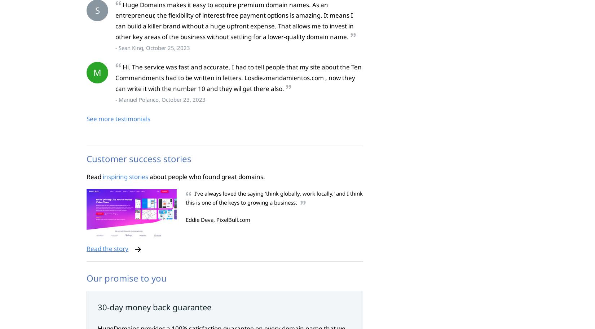 Image resolution: width=595 pixels, height=329 pixels. Describe the element at coordinates (217, 220) in the screenshot. I see `'Eddie Deva, PixelBull.com'` at that location.